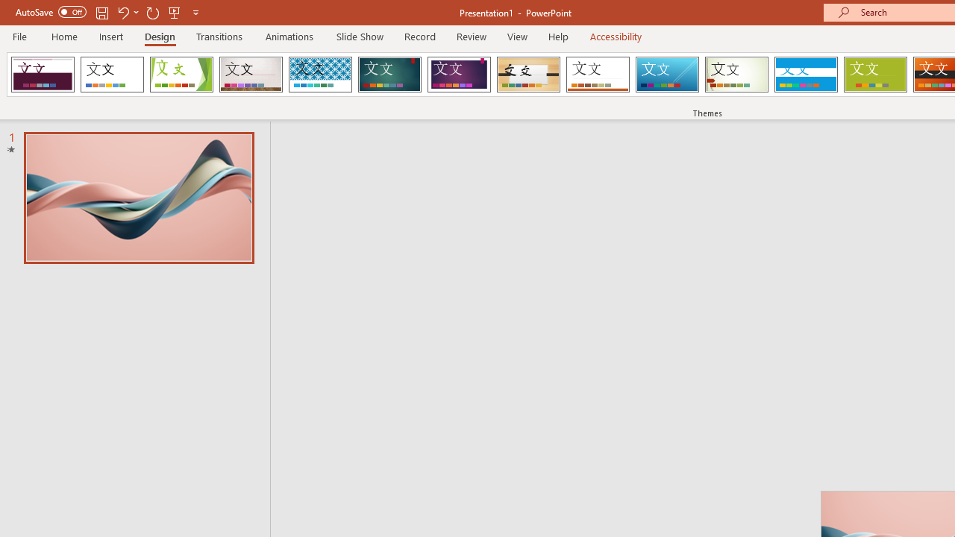  I want to click on 'Ion Boardroom', so click(458, 75).